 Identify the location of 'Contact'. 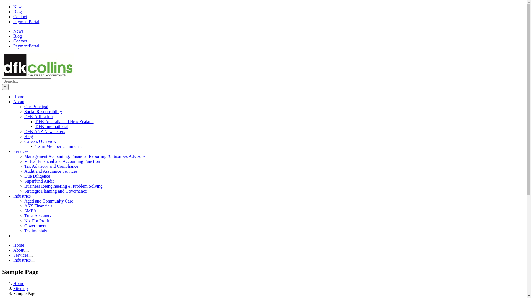
(20, 41).